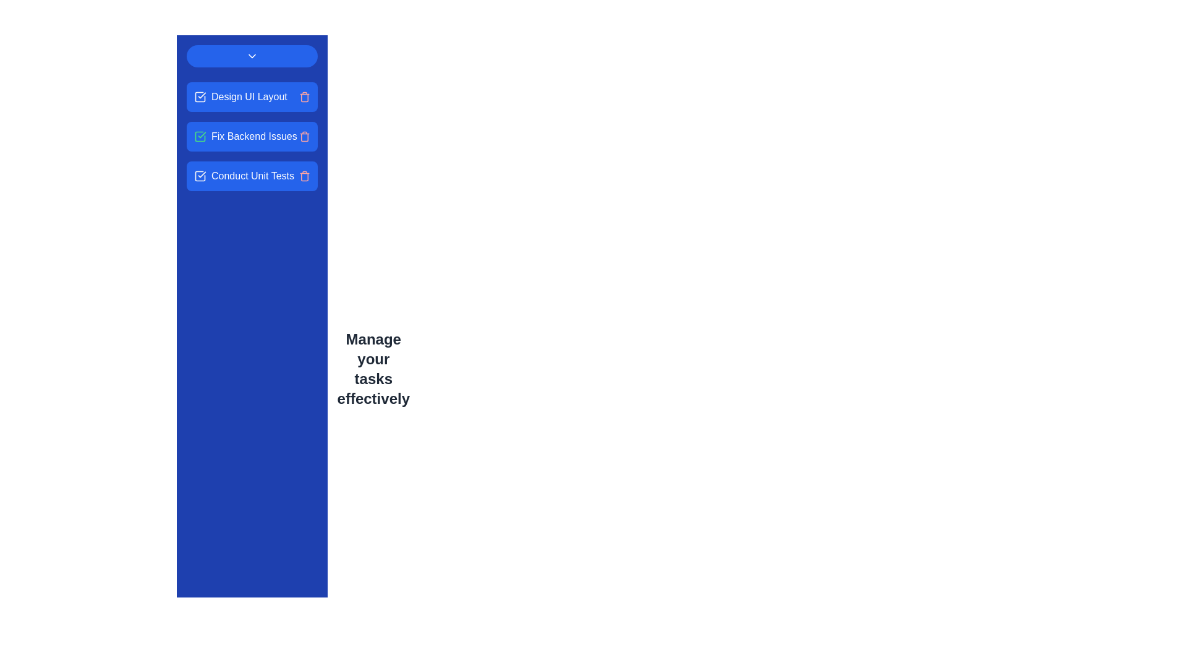 This screenshot has height=668, width=1187. Describe the element at coordinates (251, 136) in the screenshot. I see `the second list item labeled 'Fix Backend Issues' with a checked icon on the left and a delete icon on the right` at that location.